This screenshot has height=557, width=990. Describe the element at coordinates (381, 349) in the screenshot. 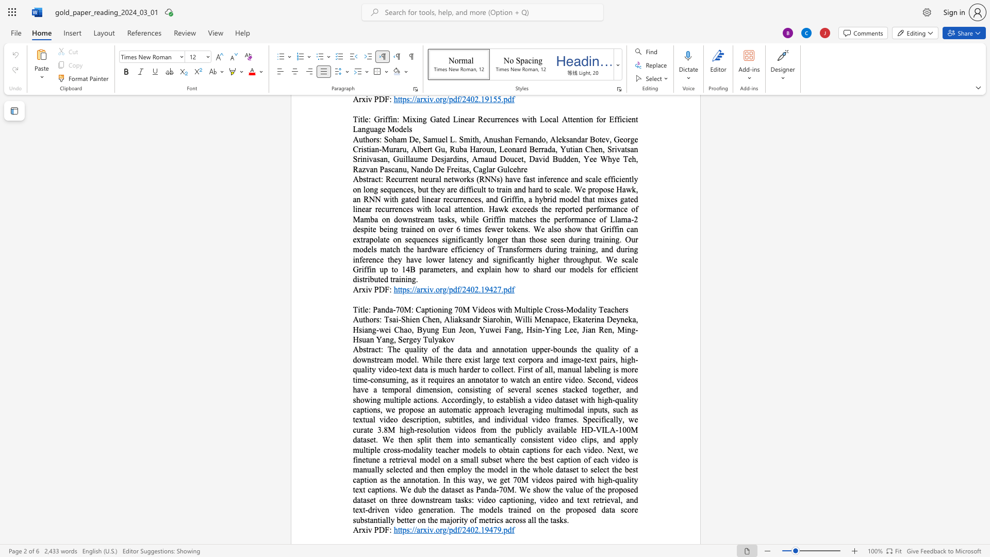

I see `the 1th character ":" in the text` at that location.